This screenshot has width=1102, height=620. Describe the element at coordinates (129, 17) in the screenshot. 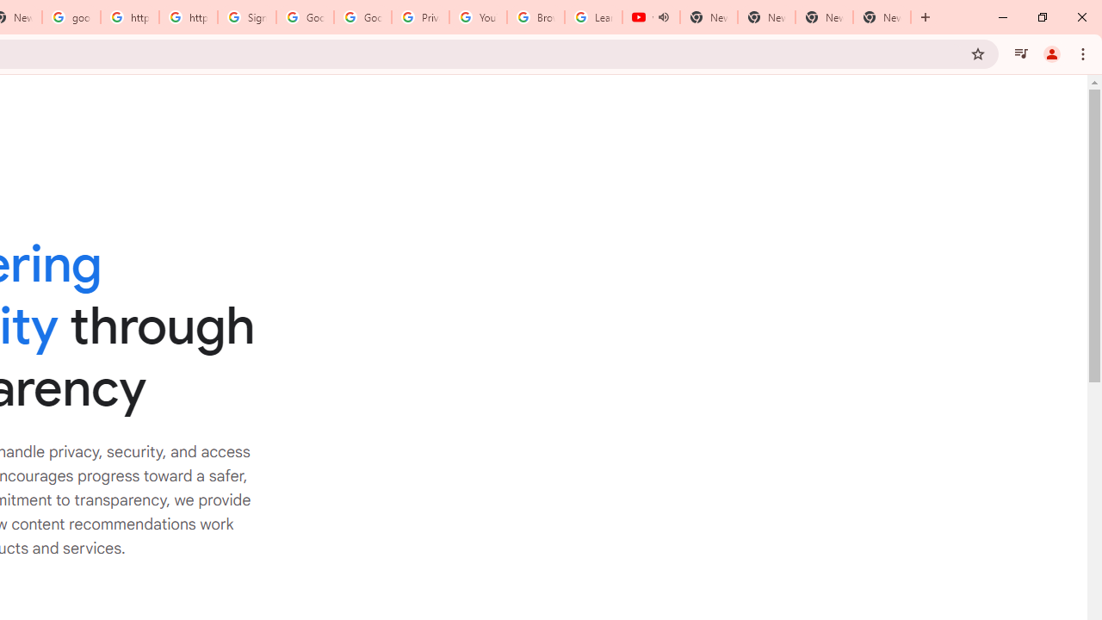

I see `'https://scholar.google.com/'` at that location.